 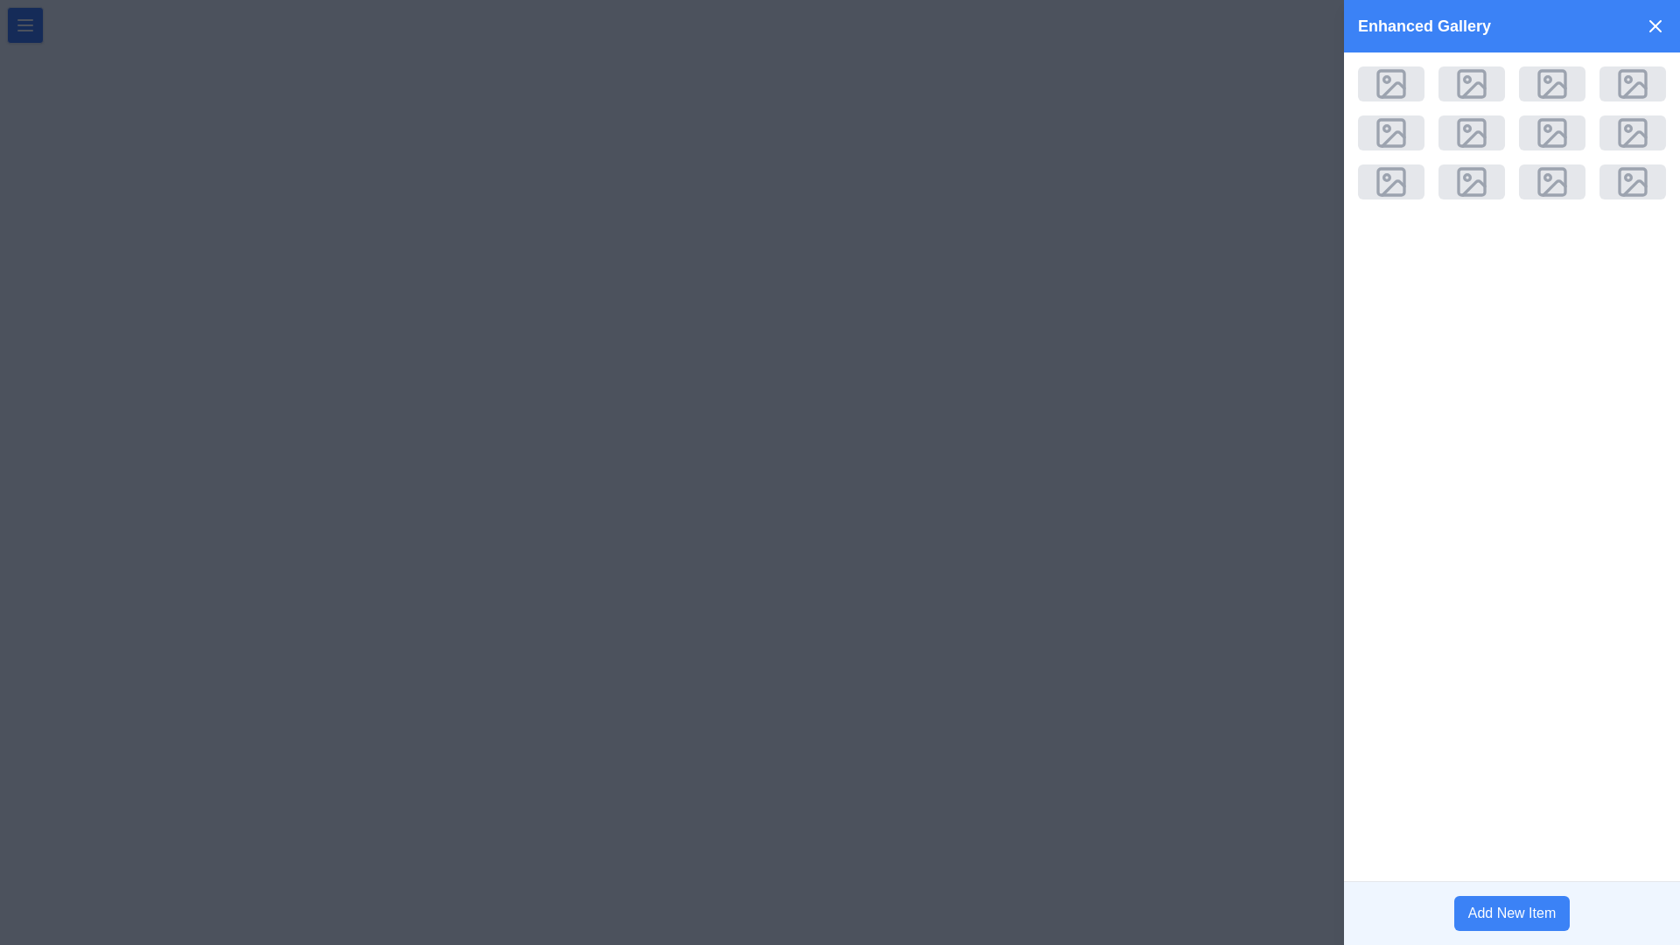 What do you see at coordinates (1470, 182) in the screenshot?
I see `the image placeholder in the Enhanced Gallery interface` at bounding box center [1470, 182].